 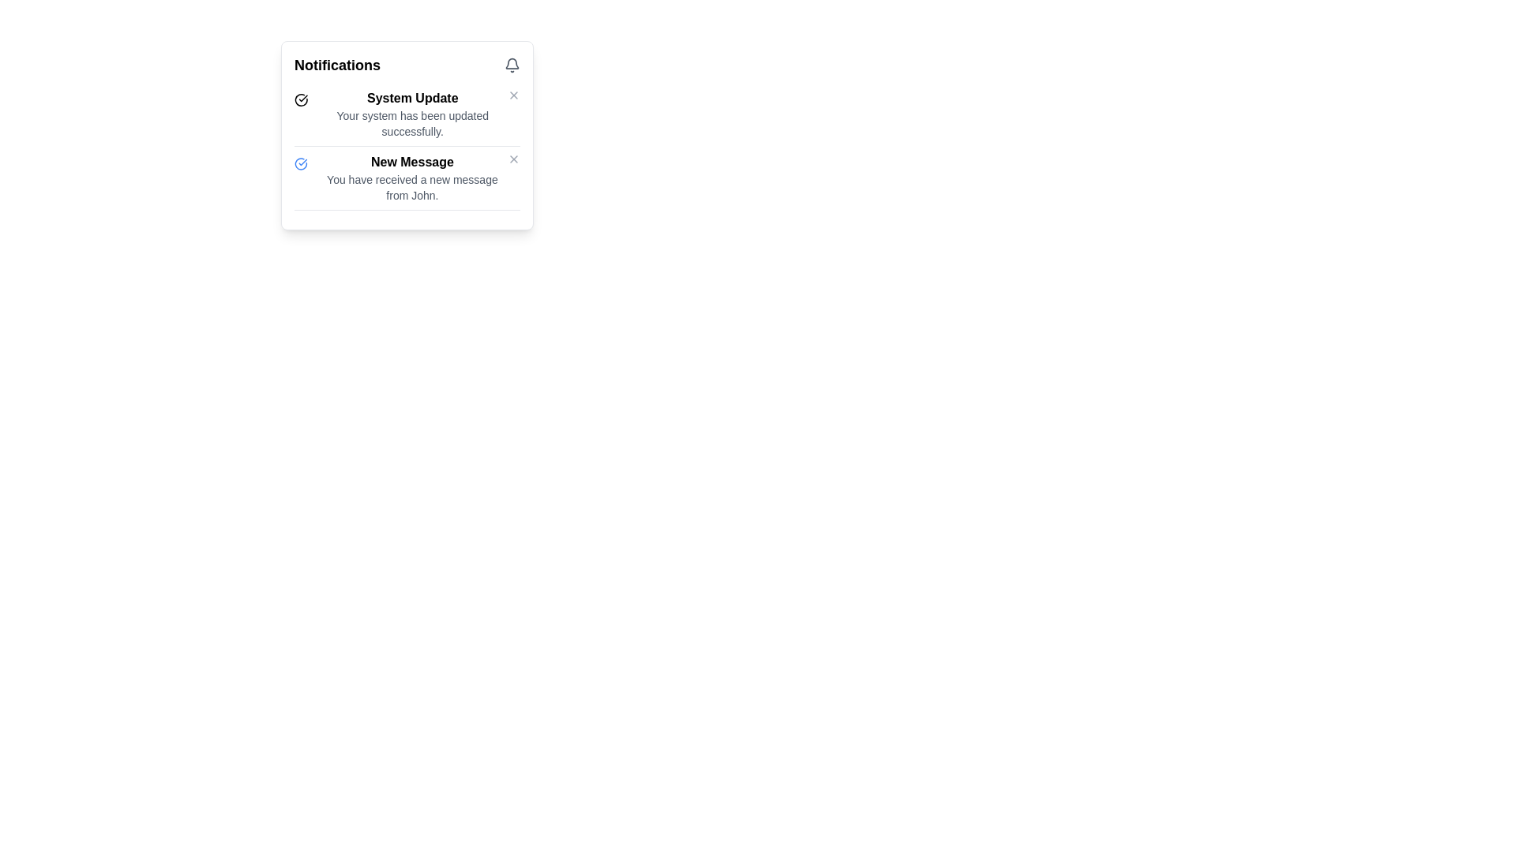 I want to click on the static text element that serves as the title for the notification, which summarizes the subject as 'System Update', so click(x=412, y=98).